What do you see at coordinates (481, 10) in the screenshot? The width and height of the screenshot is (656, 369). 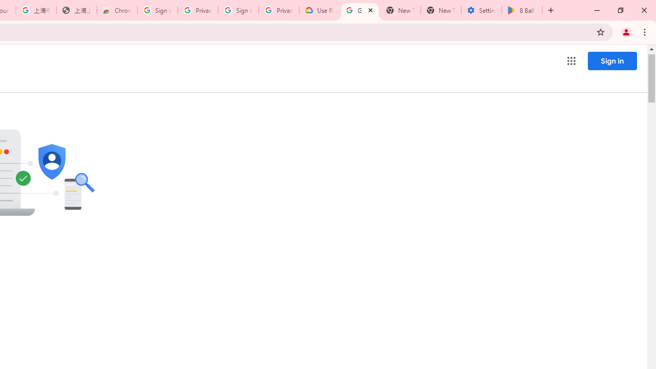 I see `'Settings - System'` at bounding box center [481, 10].